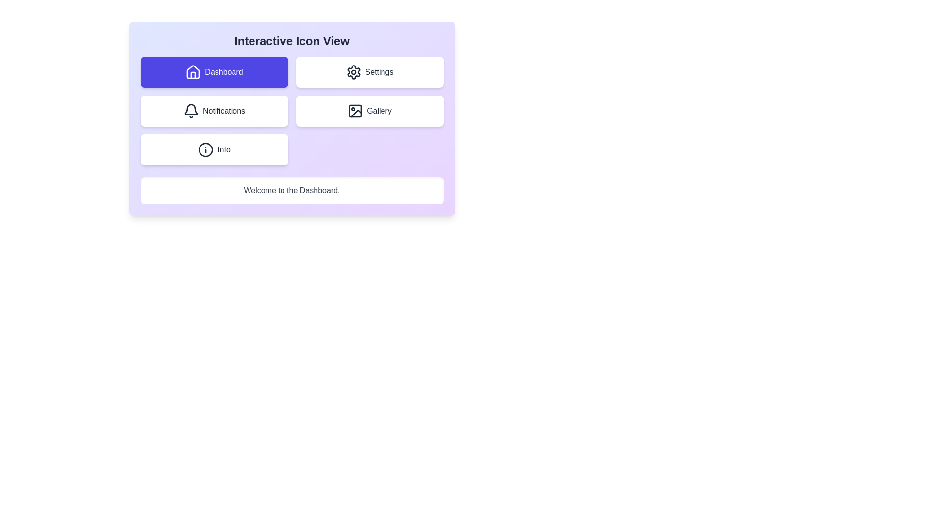 The width and height of the screenshot is (932, 524). I want to click on the Gallery button icon, which is the left-most part of the button, so click(355, 110).